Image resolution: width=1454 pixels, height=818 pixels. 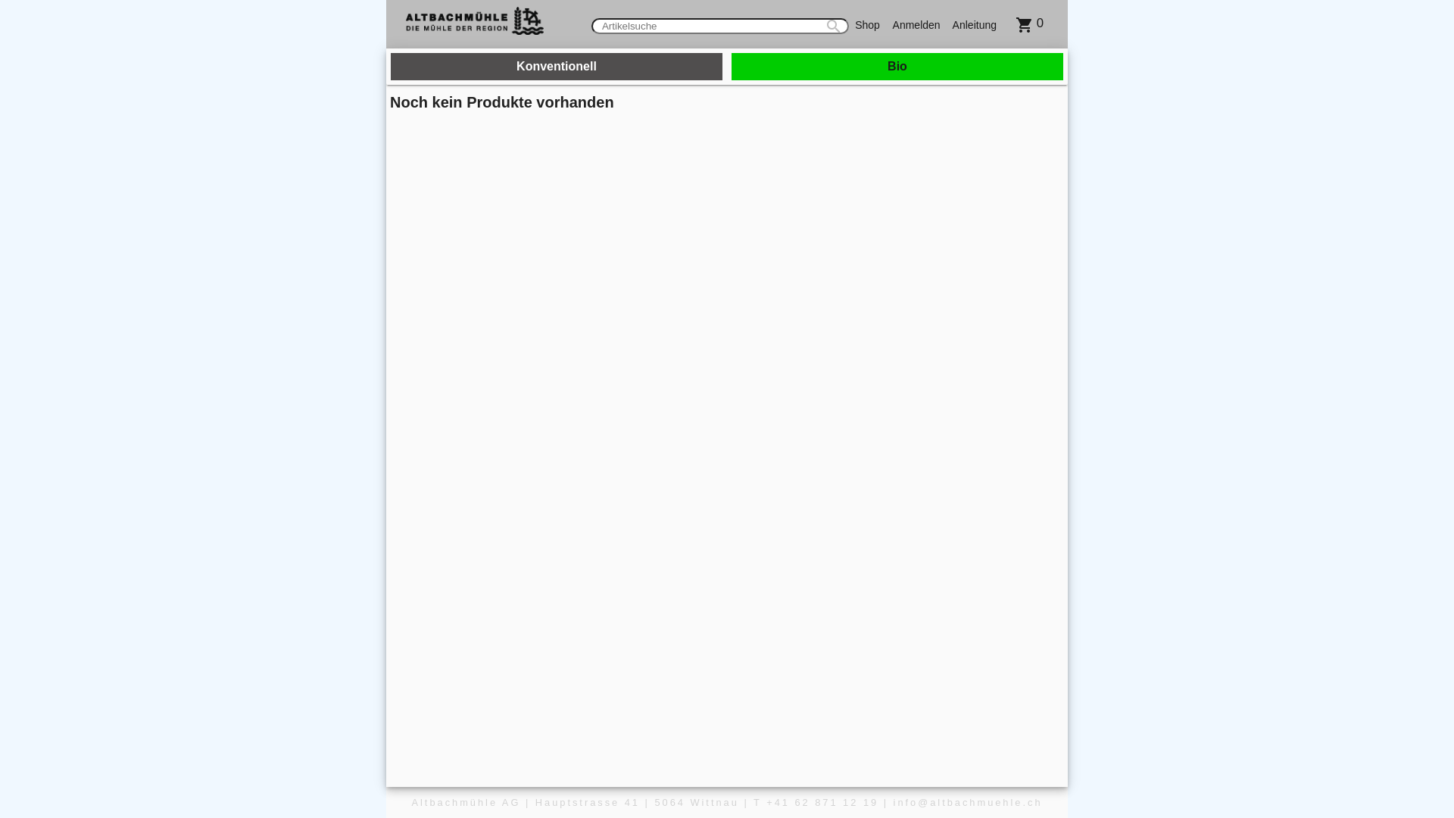 What do you see at coordinates (1003, 23) in the screenshot?
I see `'shopping_cart` at bounding box center [1003, 23].